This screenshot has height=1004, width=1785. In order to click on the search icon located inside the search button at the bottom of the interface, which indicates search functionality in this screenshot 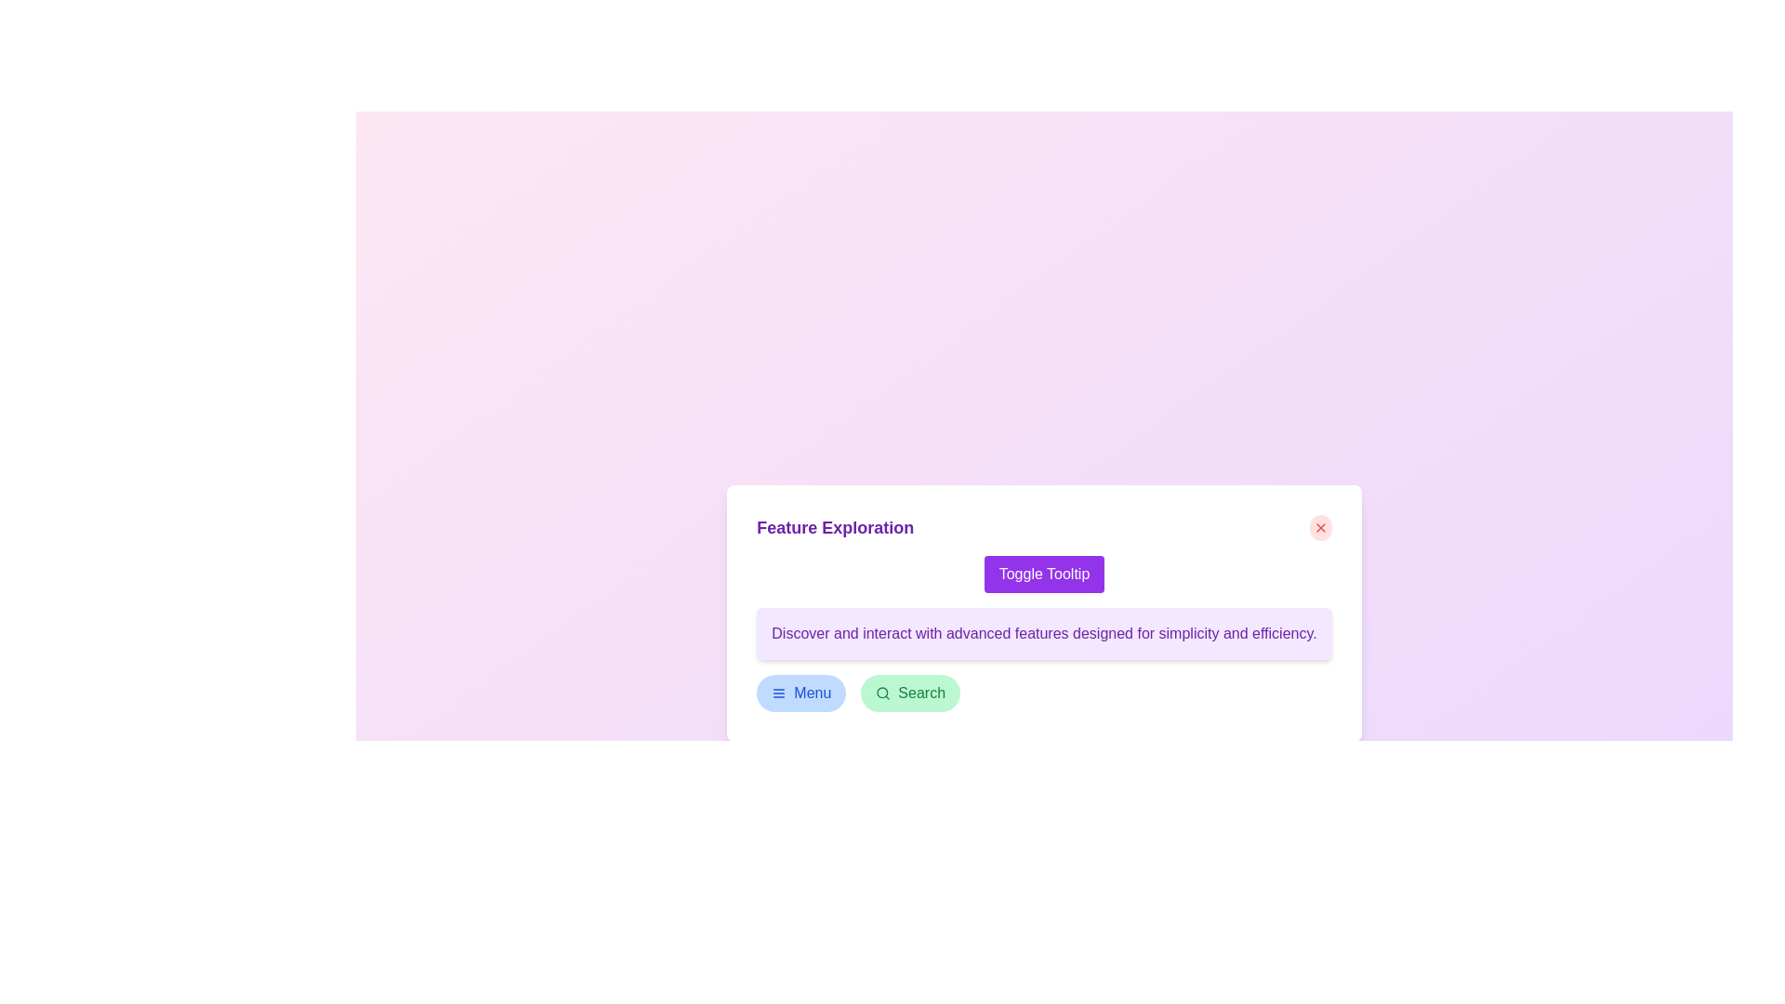, I will do `click(881, 693)`.